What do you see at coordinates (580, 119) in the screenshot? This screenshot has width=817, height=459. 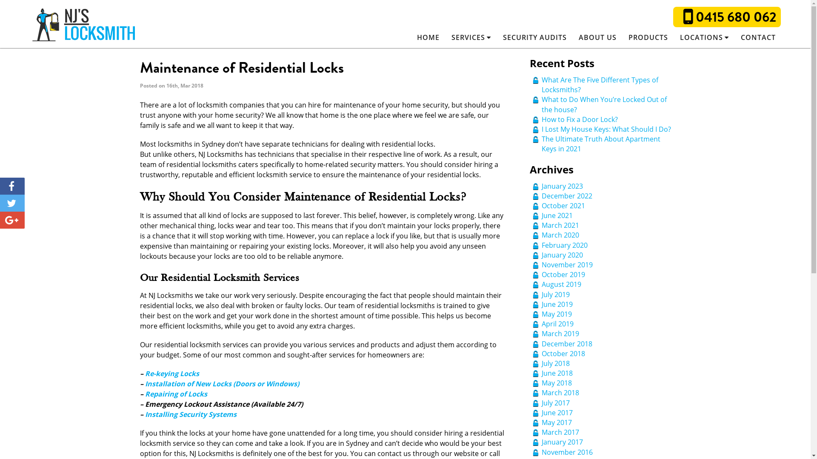 I see `'How to Fix a Door Lock? '` at bounding box center [580, 119].